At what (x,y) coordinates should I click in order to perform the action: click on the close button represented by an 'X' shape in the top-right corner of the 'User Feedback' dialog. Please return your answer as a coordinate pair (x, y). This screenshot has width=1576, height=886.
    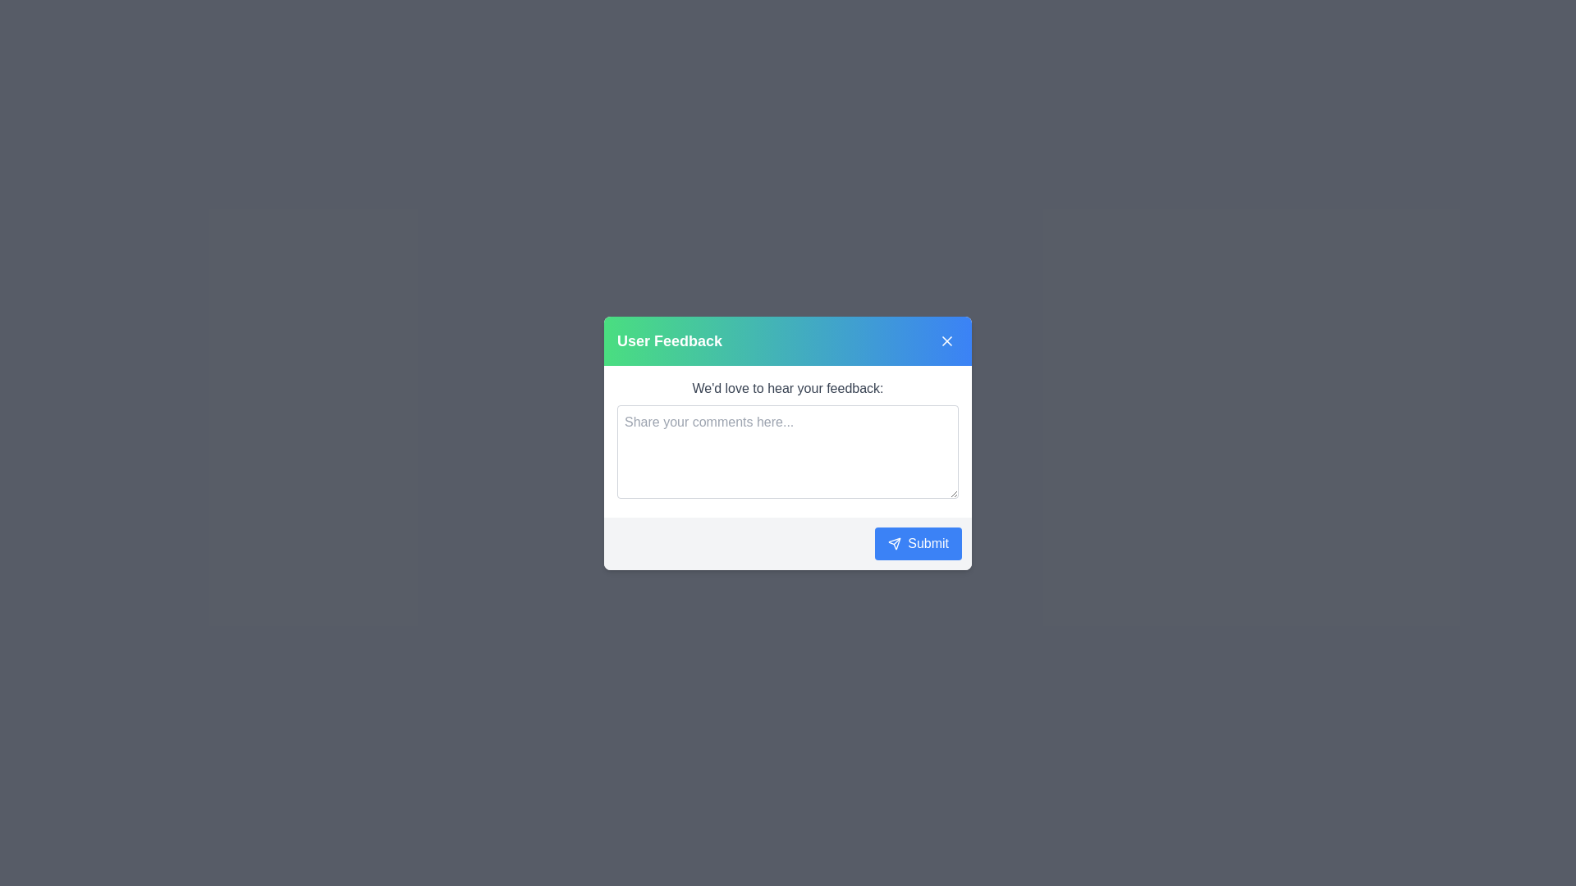
    Looking at the image, I should click on (946, 340).